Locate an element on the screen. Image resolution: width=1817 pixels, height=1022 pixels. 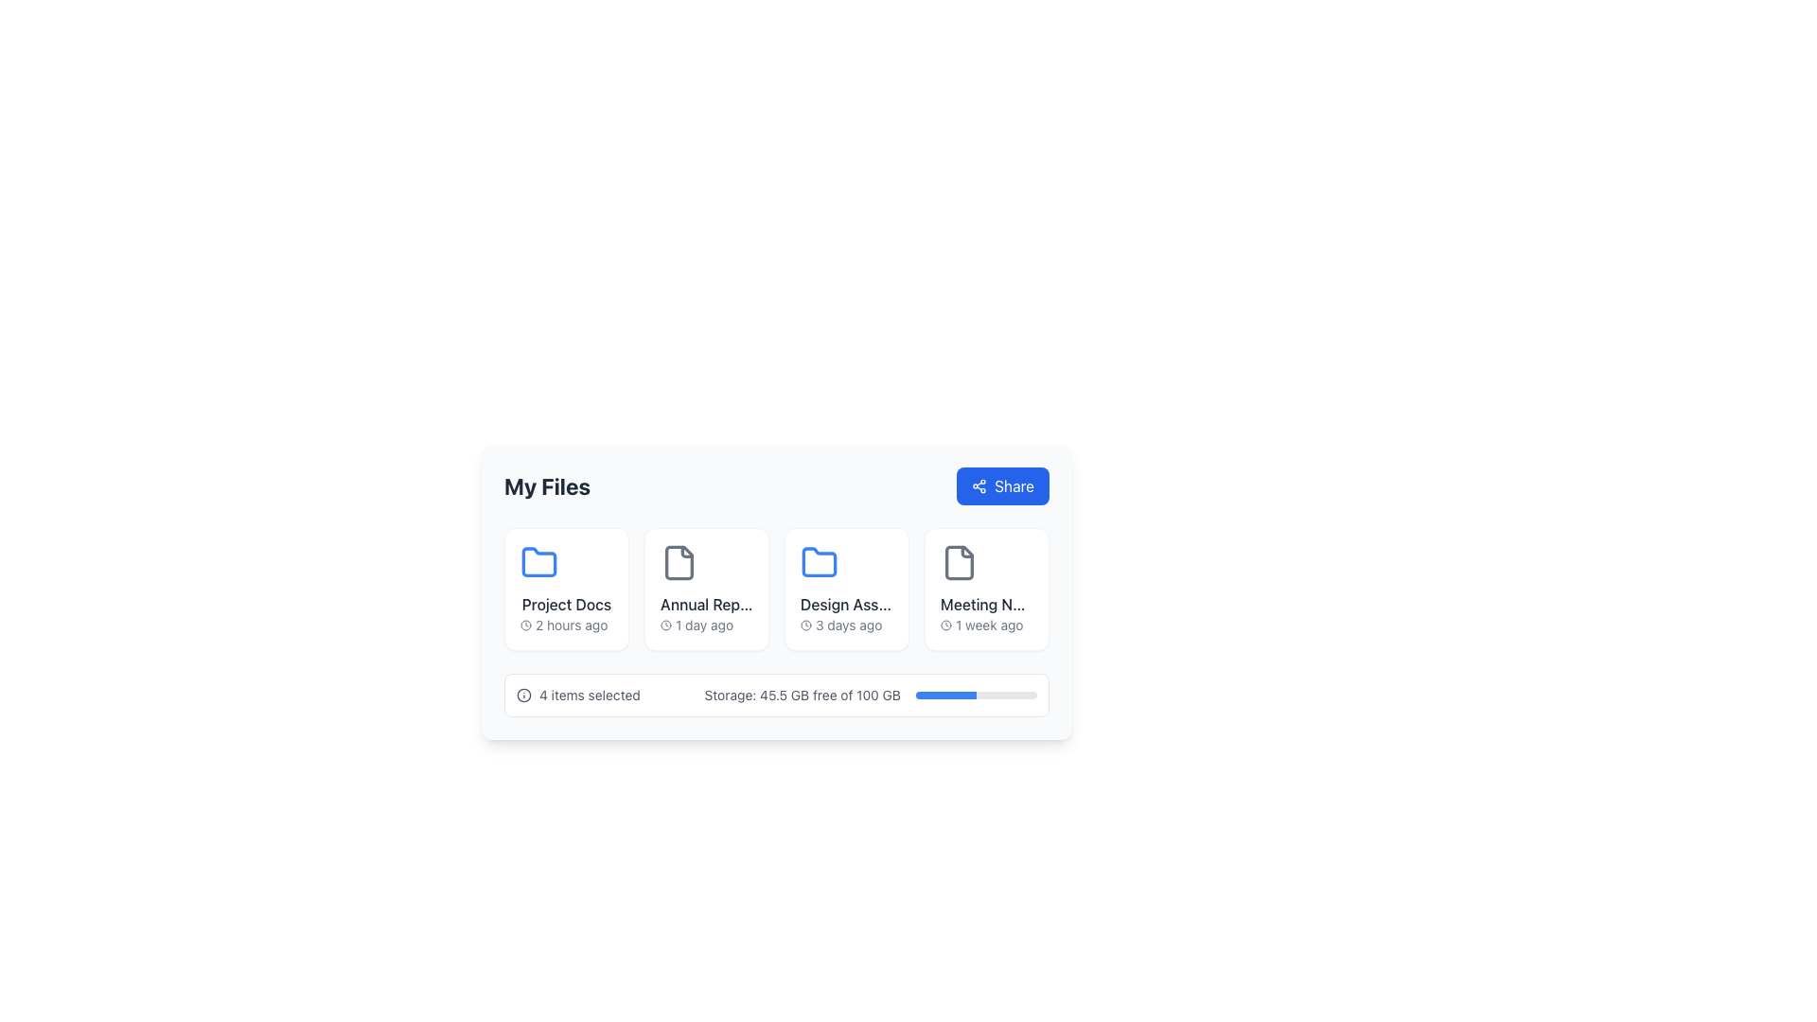
displayed time indicator '1 day ago' from the text label with a clock icon located in the bottom-right corner of the 'Annual Report.pdf' card is located at coordinates (706, 625).